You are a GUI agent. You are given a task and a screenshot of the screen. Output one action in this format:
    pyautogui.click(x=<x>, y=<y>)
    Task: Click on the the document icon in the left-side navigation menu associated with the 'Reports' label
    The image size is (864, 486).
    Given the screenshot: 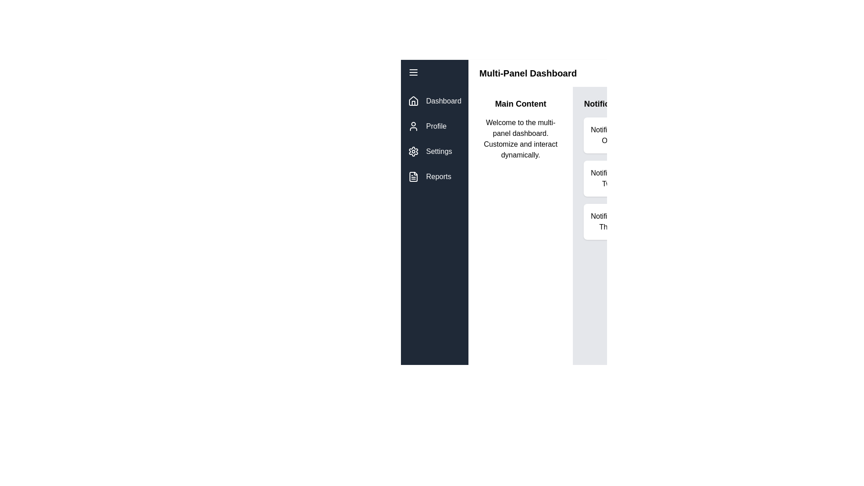 What is the action you would take?
    pyautogui.click(x=413, y=177)
    